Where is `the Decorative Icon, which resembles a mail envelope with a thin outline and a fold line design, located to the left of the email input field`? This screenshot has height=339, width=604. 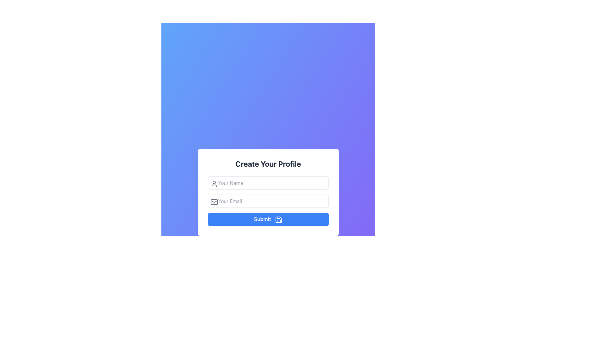 the Decorative Icon, which resembles a mail envelope with a thin outline and a fold line design, located to the left of the email input field is located at coordinates (214, 202).